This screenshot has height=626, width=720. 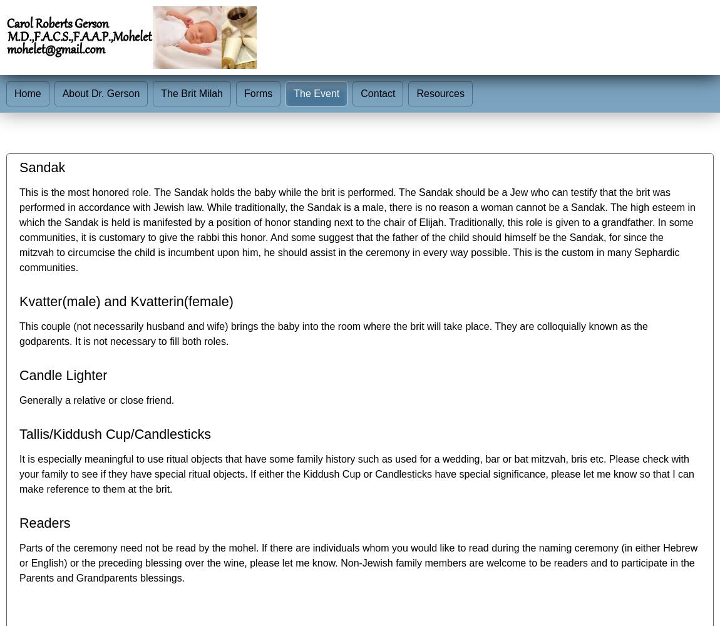 What do you see at coordinates (357, 229) in the screenshot?
I see `'This is the most honored role. The Sandak holds the baby while the brit is performed. The Sandak should be a Jew who can testify that the brit was performed in accordance with Jewish law. While traditionally, the Sandak is a male, there is no reason a woman cannot be a Sandak. The high esteem in which the Sandak is held is manifested by a position of honor standing next to the chair of Elijah. Traditionally, this role is given to a grandfather. In some communities, it is customary to give the rabbi this honor. And some suggest that the father of the child should himself be the Sandak, for since the mitzvah to circumcise the child is incumbent upon him, he should assist in the ceremony in every way possible. This is the custom in many Sephardic communities.'` at bounding box center [357, 229].